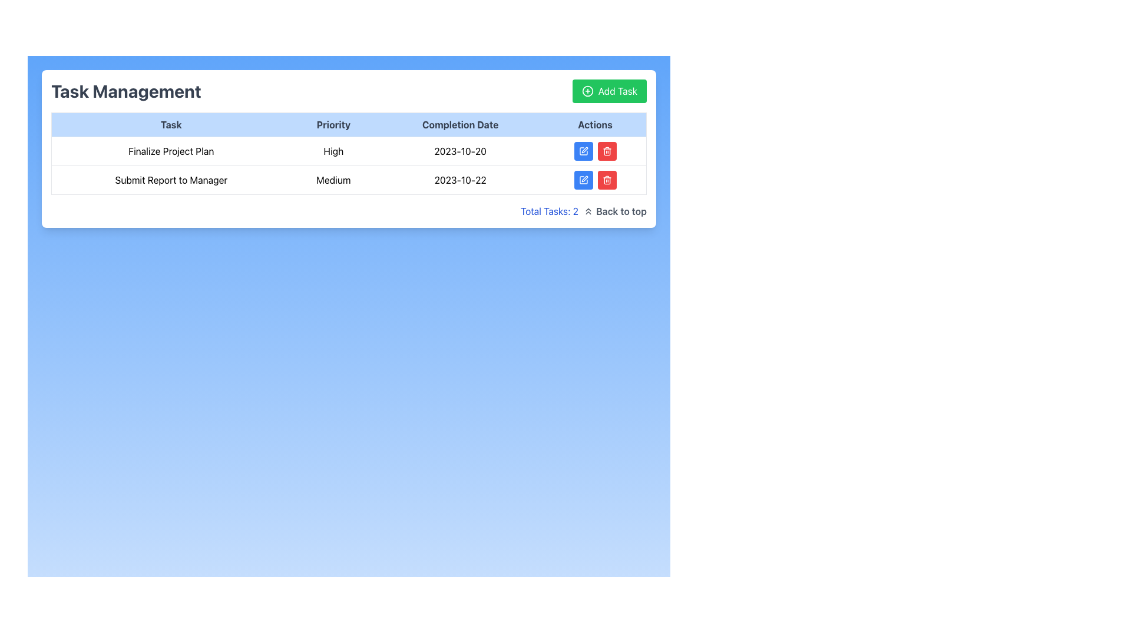  What do you see at coordinates (583, 151) in the screenshot?
I see `the action icon for 'Finalize Project Plan', which is a blue and white stylized square with a pen overlay` at bounding box center [583, 151].